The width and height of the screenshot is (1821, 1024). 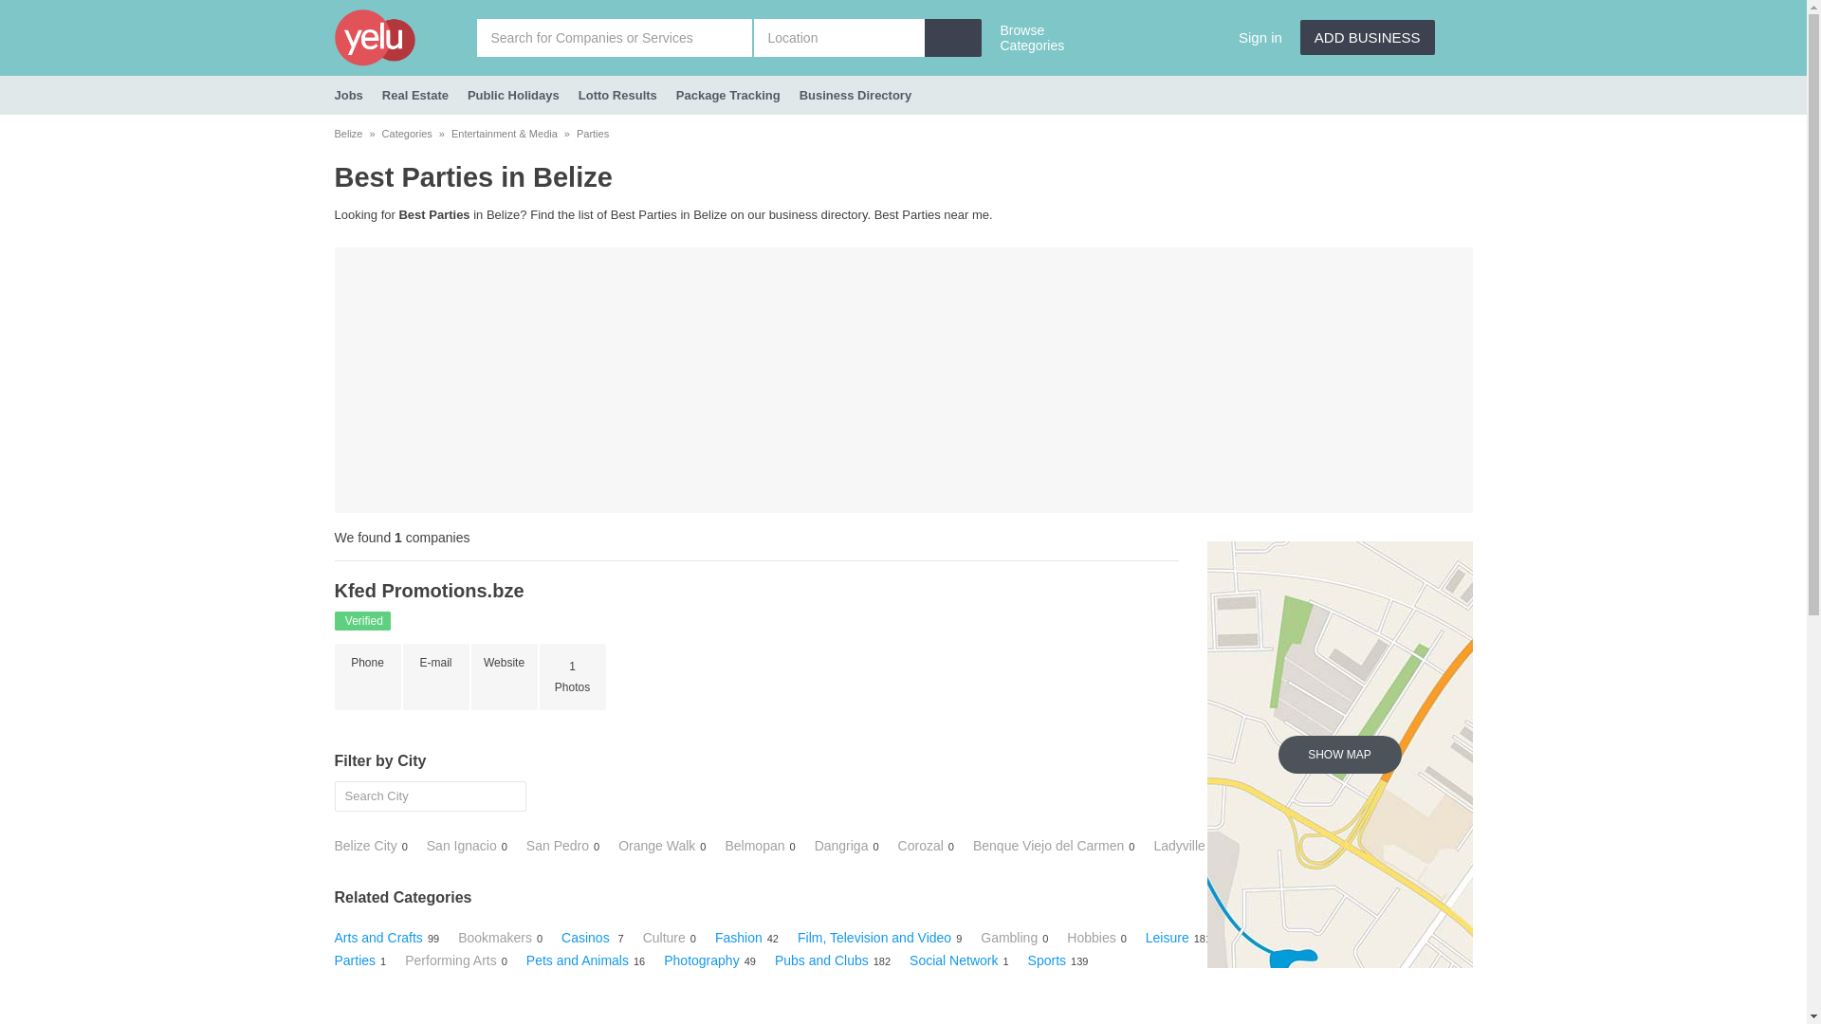 What do you see at coordinates (591, 133) in the screenshot?
I see `'Parties'` at bounding box center [591, 133].